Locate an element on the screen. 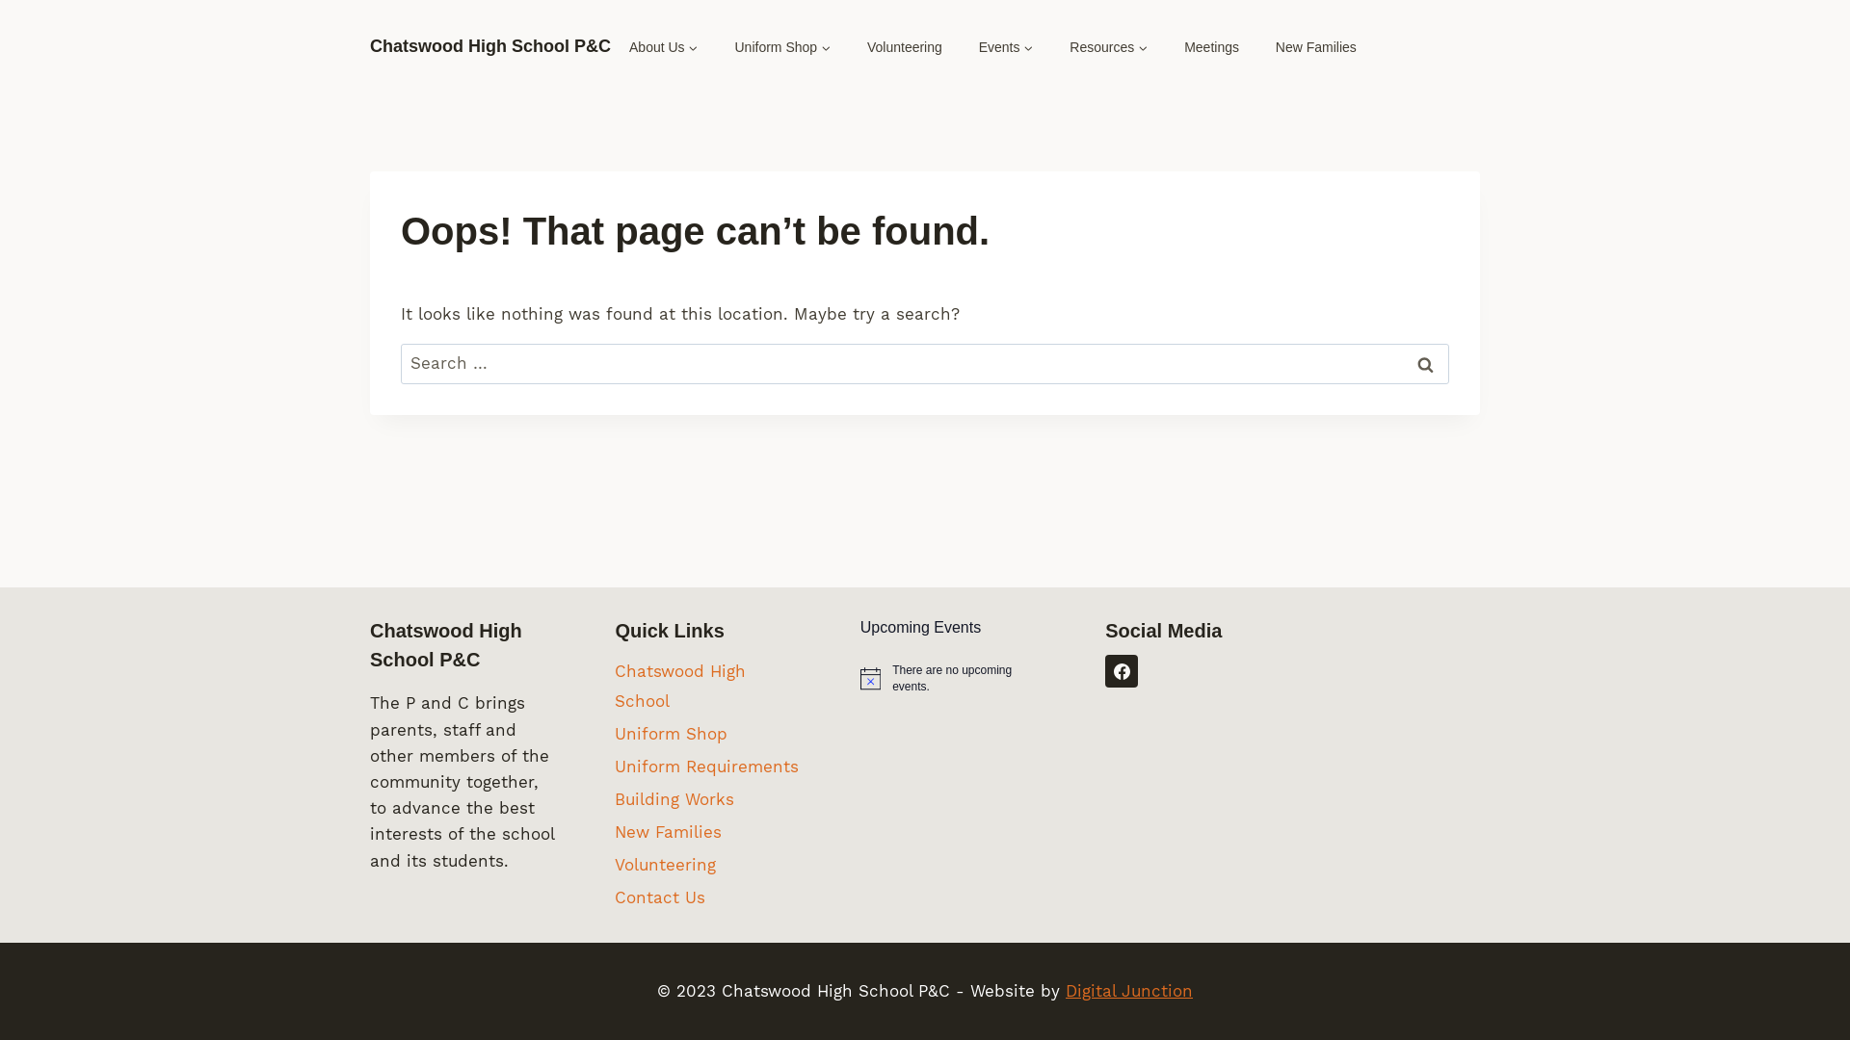  'Events' is located at coordinates (1005, 46).